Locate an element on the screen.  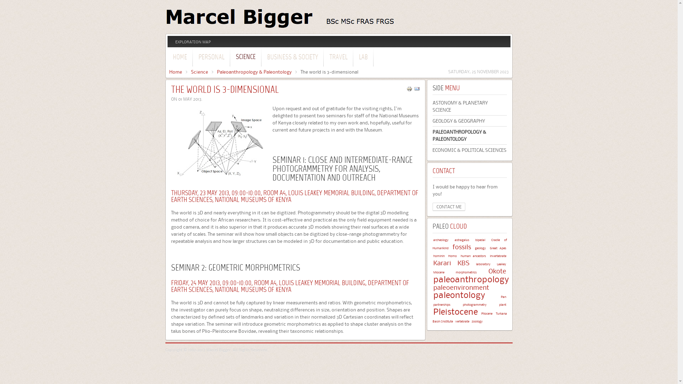
'hominin' is located at coordinates (433, 255).